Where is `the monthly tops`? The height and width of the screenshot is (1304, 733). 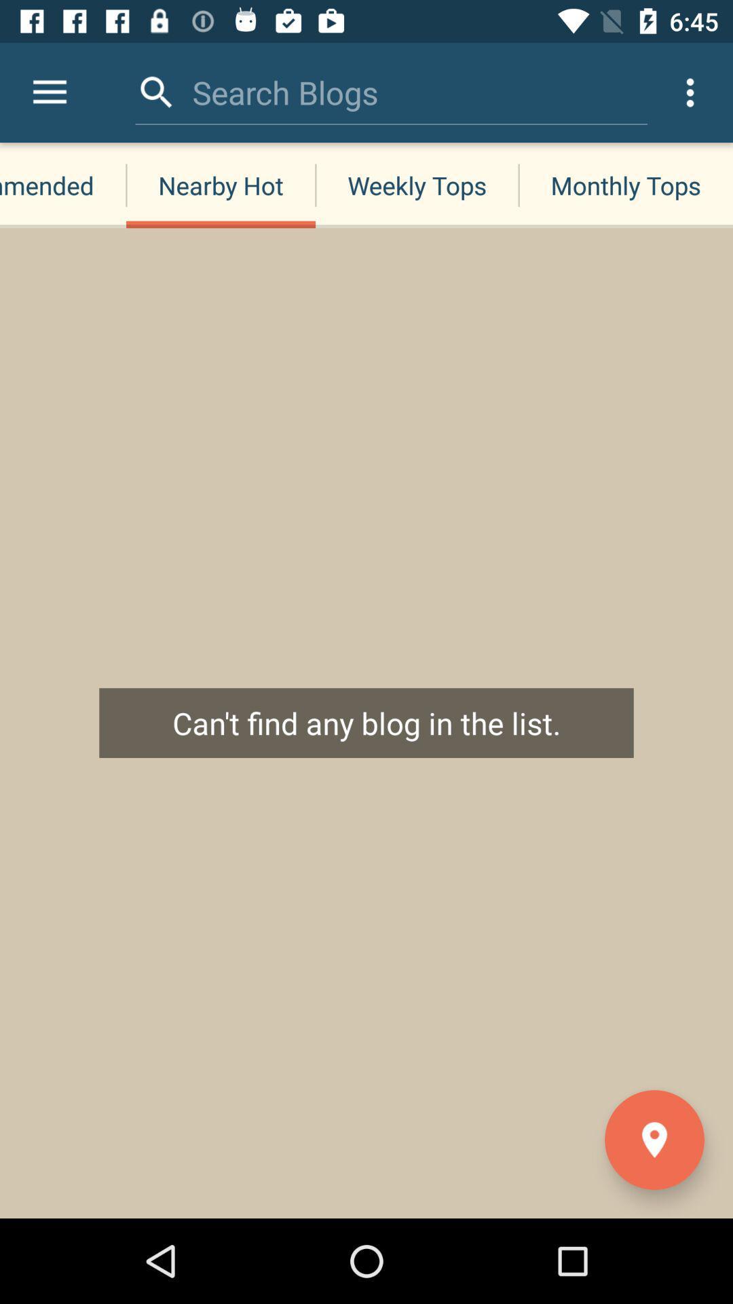 the monthly tops is located at coordinates (625, 185).